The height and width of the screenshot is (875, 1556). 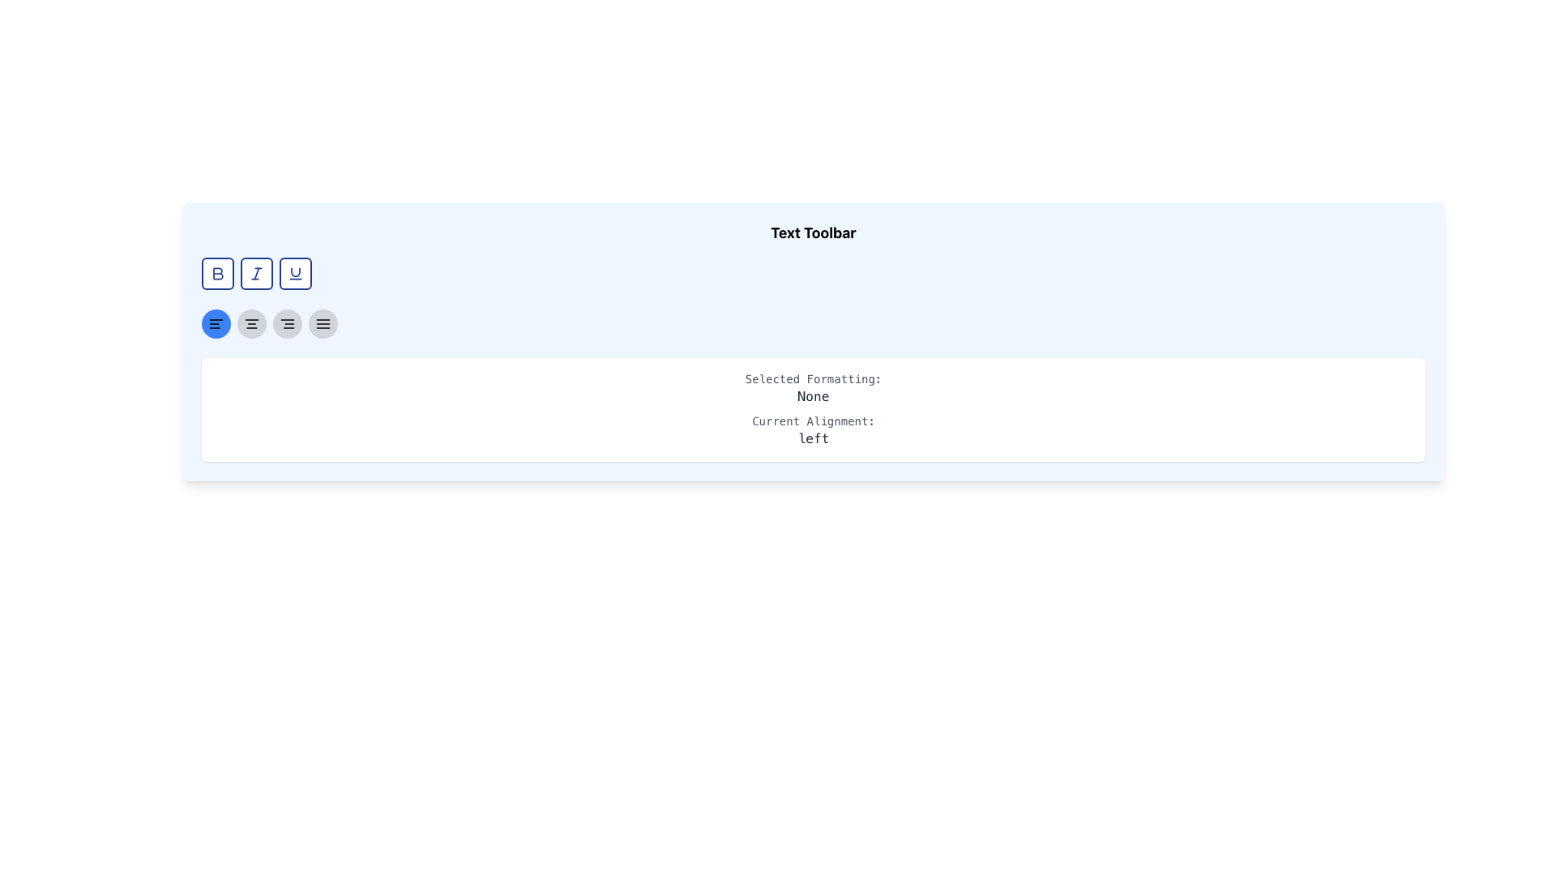 I want to click on the bold letter 'B' icon button in the top-left section of the toolbar, so click(x=217, y=273).